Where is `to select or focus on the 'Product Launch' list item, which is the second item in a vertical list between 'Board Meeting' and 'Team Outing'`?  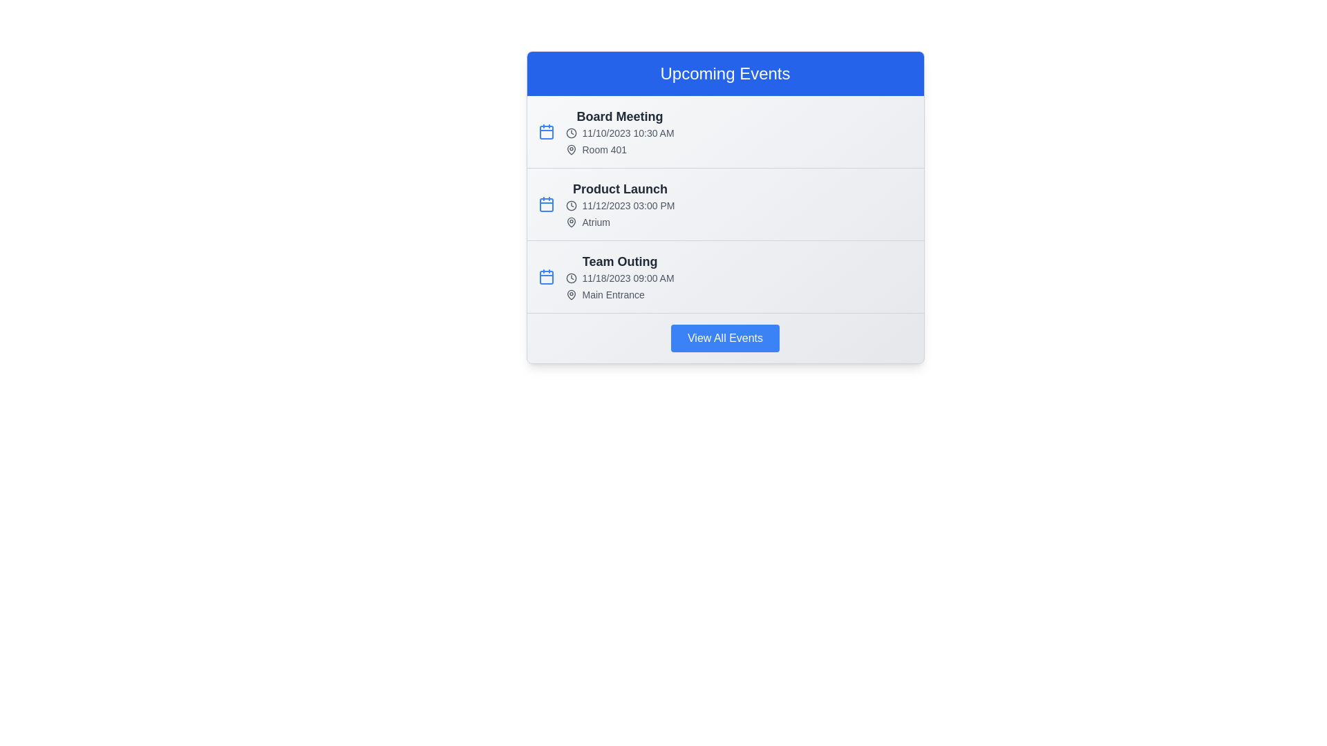 to select or focus on the 'Product Launch' list item, which is the second item in a vertical list between 'Board Meeting' and 'Team Outing' is located at coordinates (724, 204).